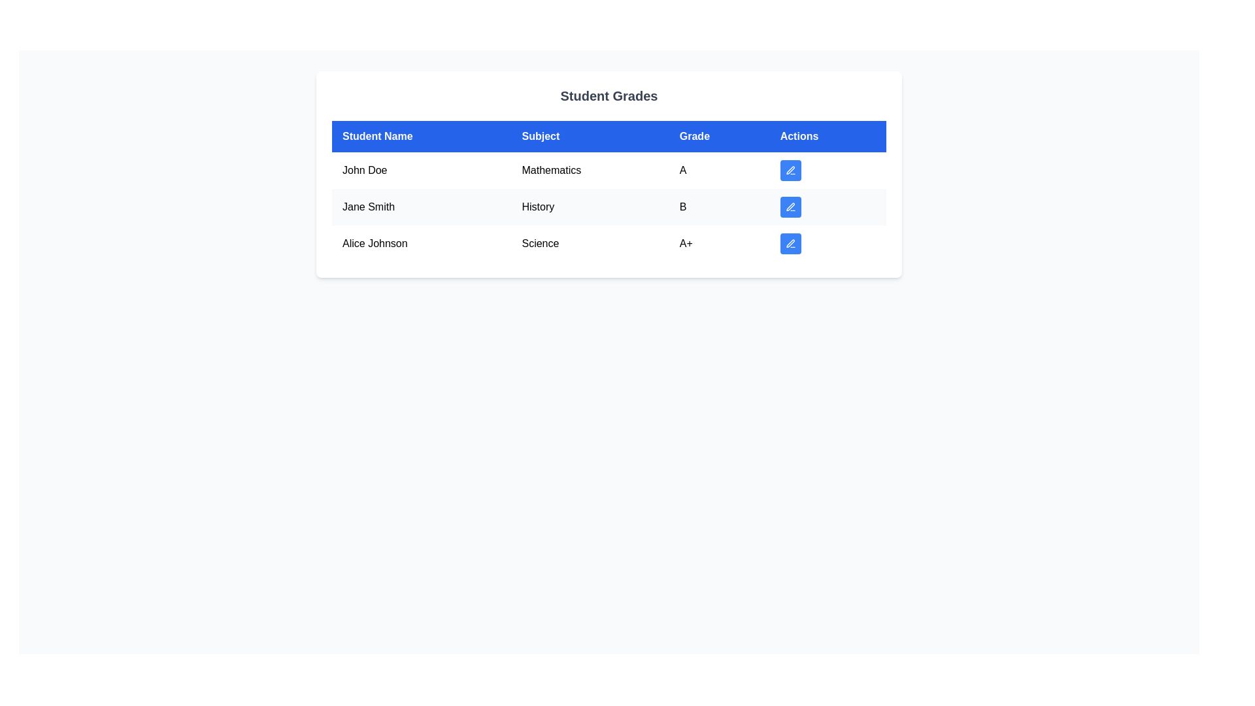 The width and height of the screenshot is (1255, 706). I want to click on the pen icon button in the actions column of the first row in the 'Student Grades' table, so click(790, 169).